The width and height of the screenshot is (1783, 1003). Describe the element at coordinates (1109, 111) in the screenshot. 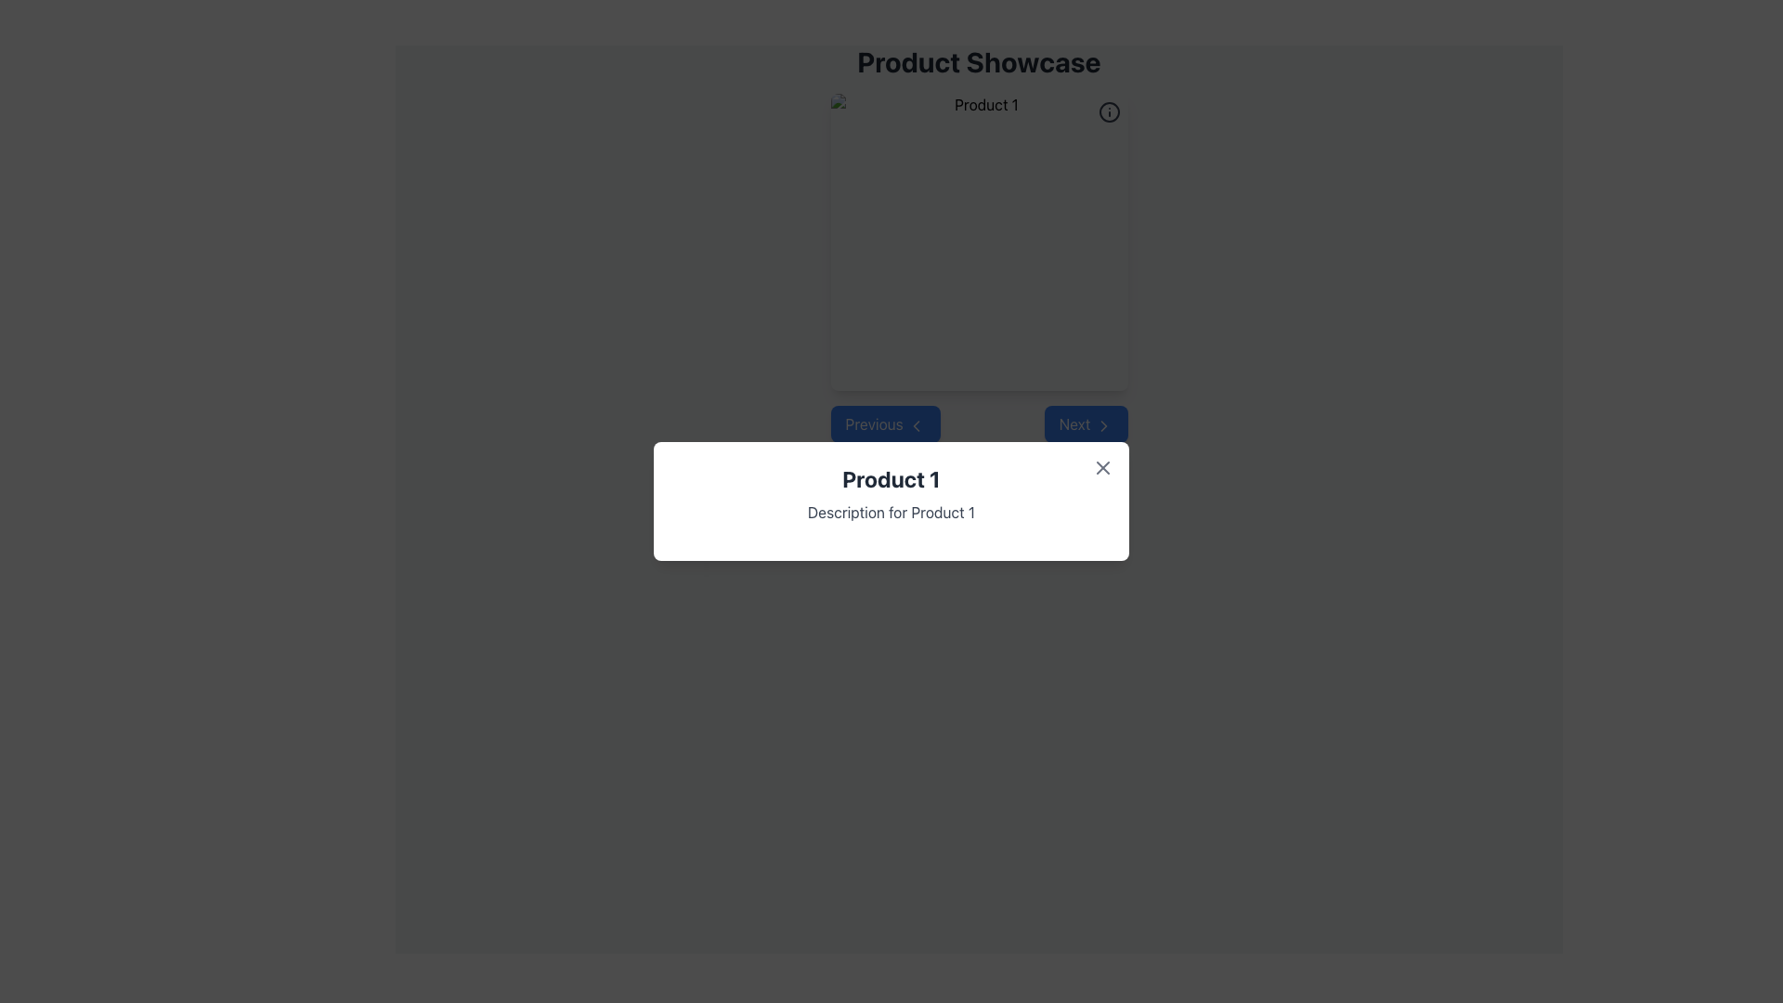

I see `the SVG circle shape located in the upper-right corner of the Product Showcase box, which visually resembles an icon's background or outline` at that location.